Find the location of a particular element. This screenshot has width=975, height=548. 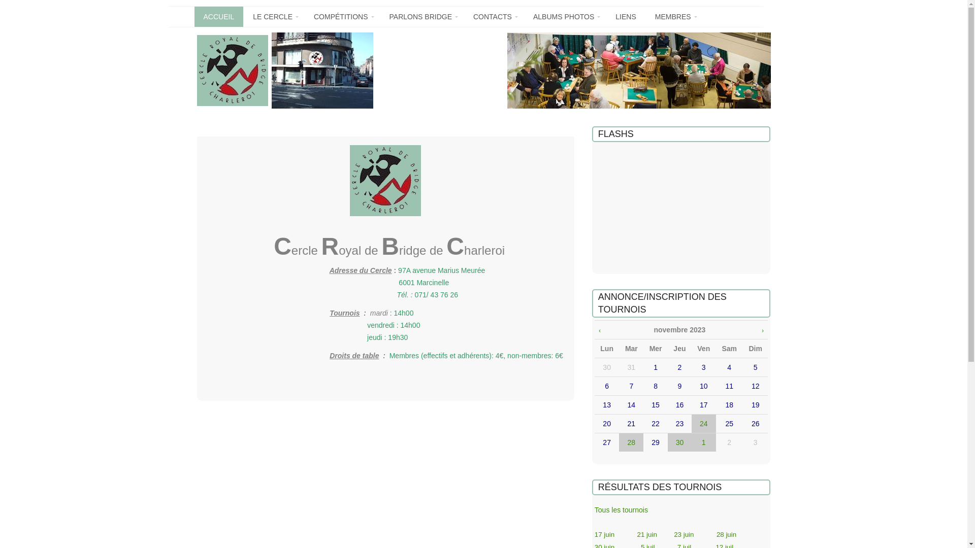

'LIENS' is located at coordinates (625, 17).